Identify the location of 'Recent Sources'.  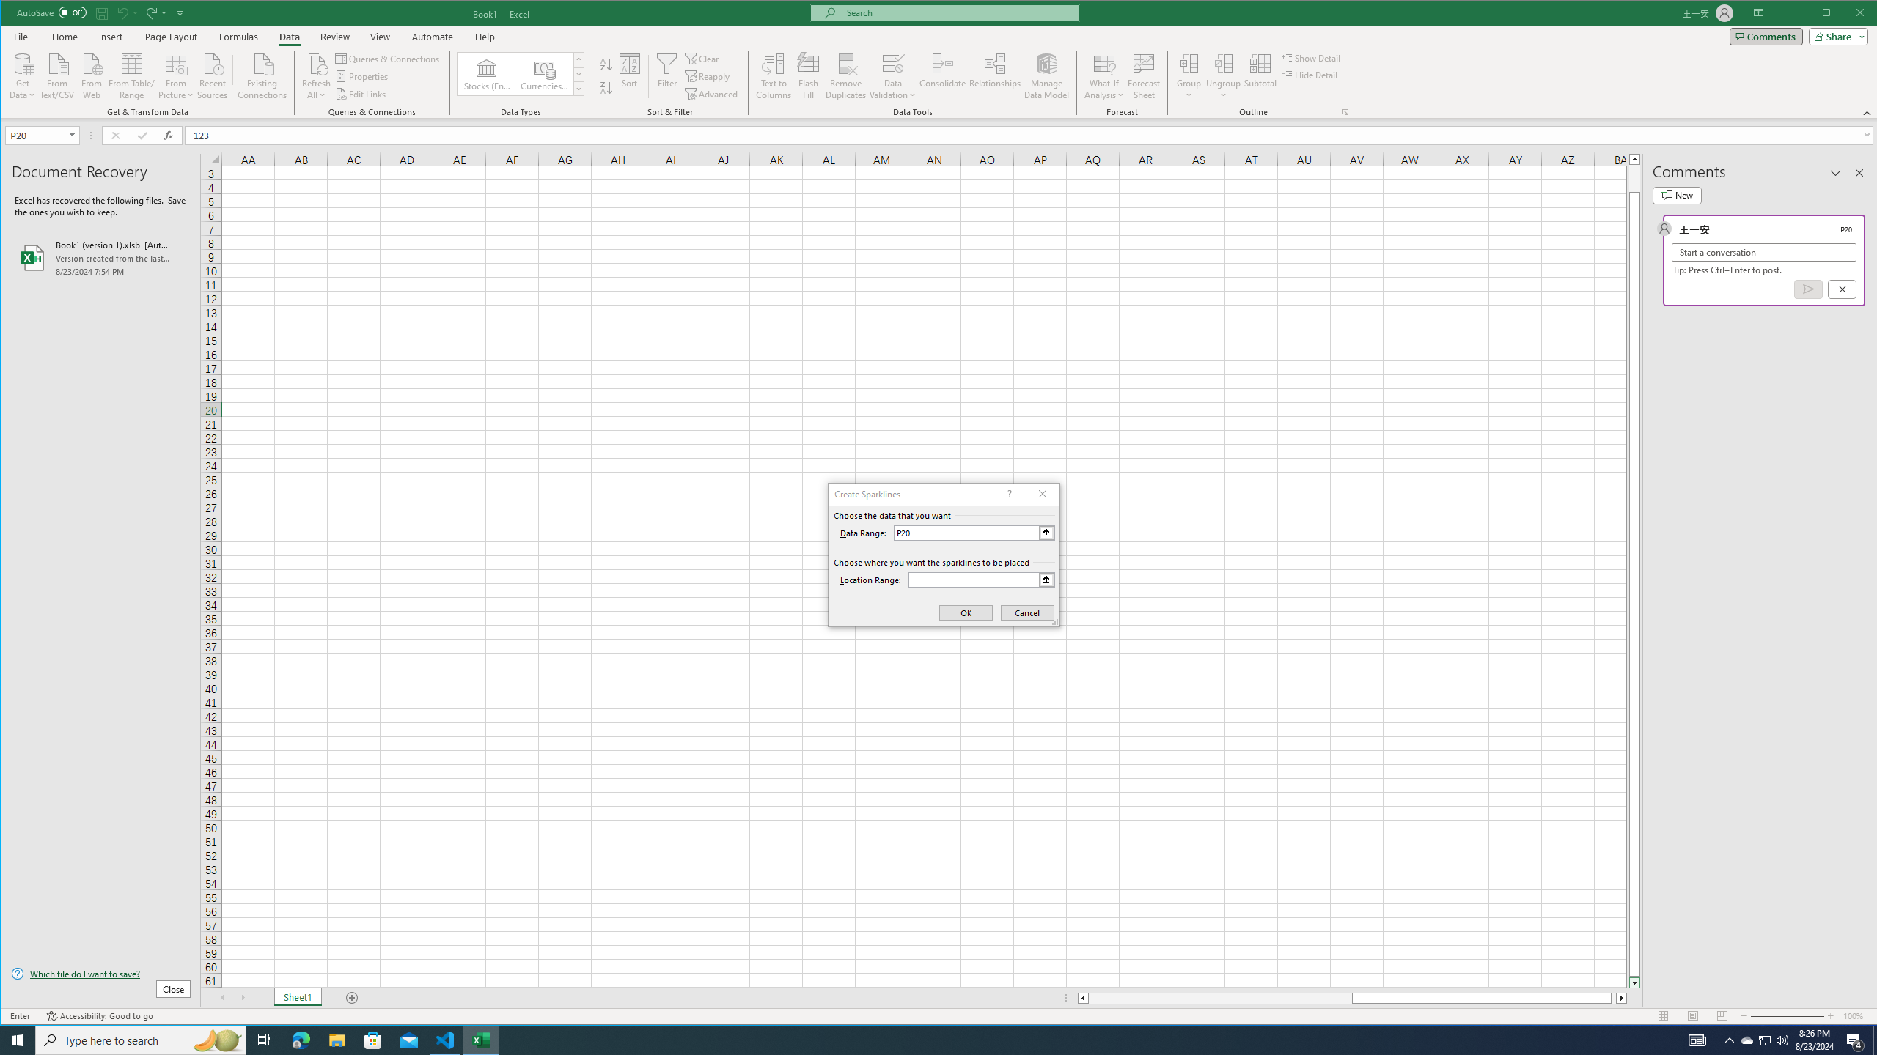
(212, 75).